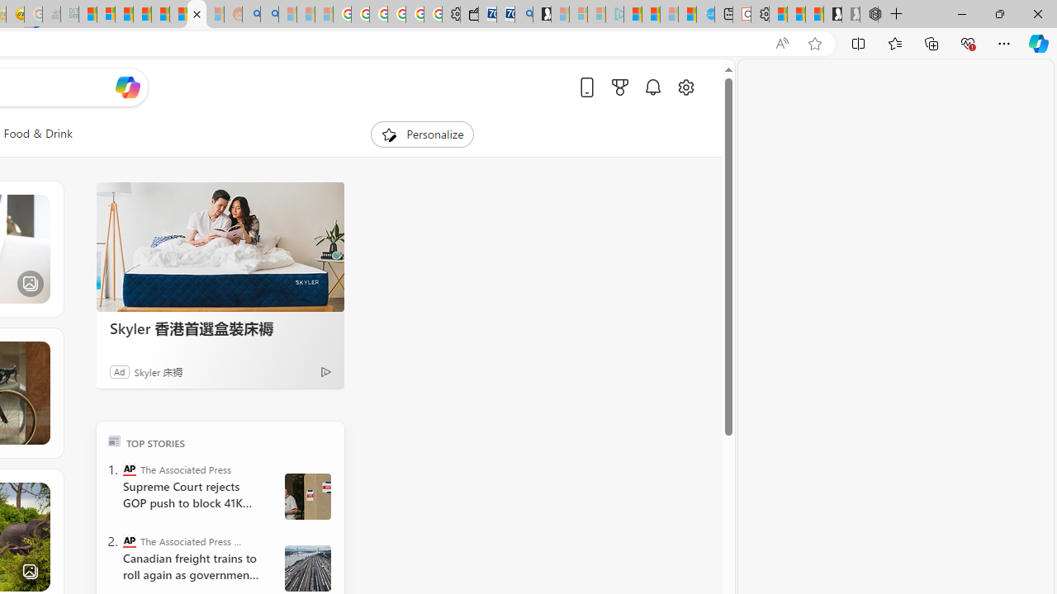  Describe the element at coordinates (113, 440) in the screenshot. I see `'TOP'` at that location.